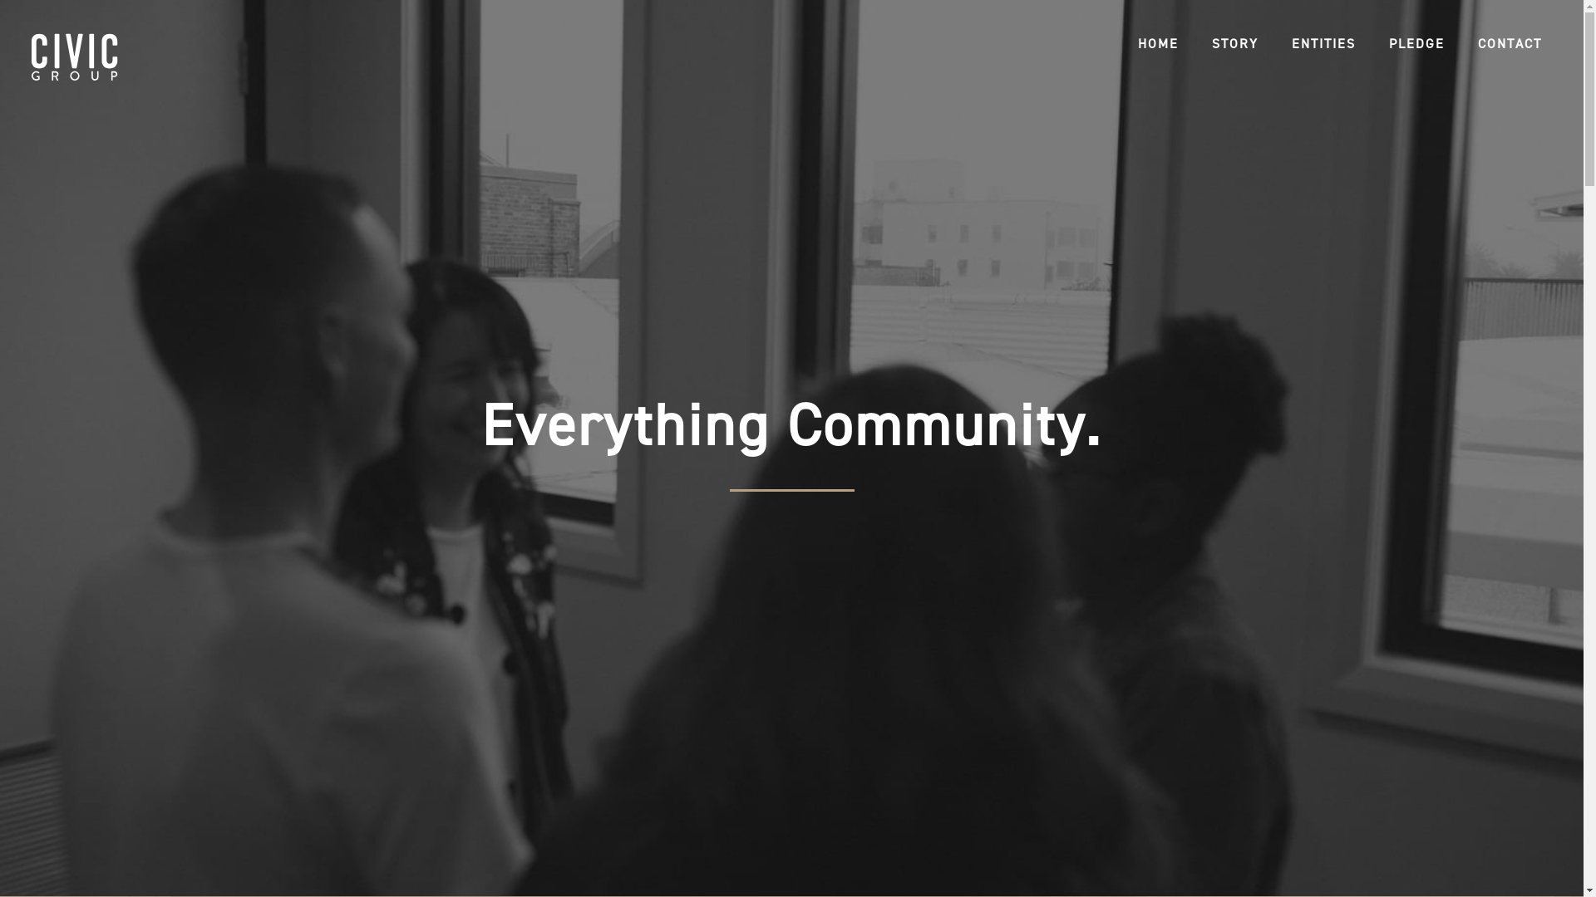 This screenshot has width=1596, height=897. What do you see at coordinates (1157, 43) in the screenshot?
I see `'HOME'` at bounding box center [1157, 43].